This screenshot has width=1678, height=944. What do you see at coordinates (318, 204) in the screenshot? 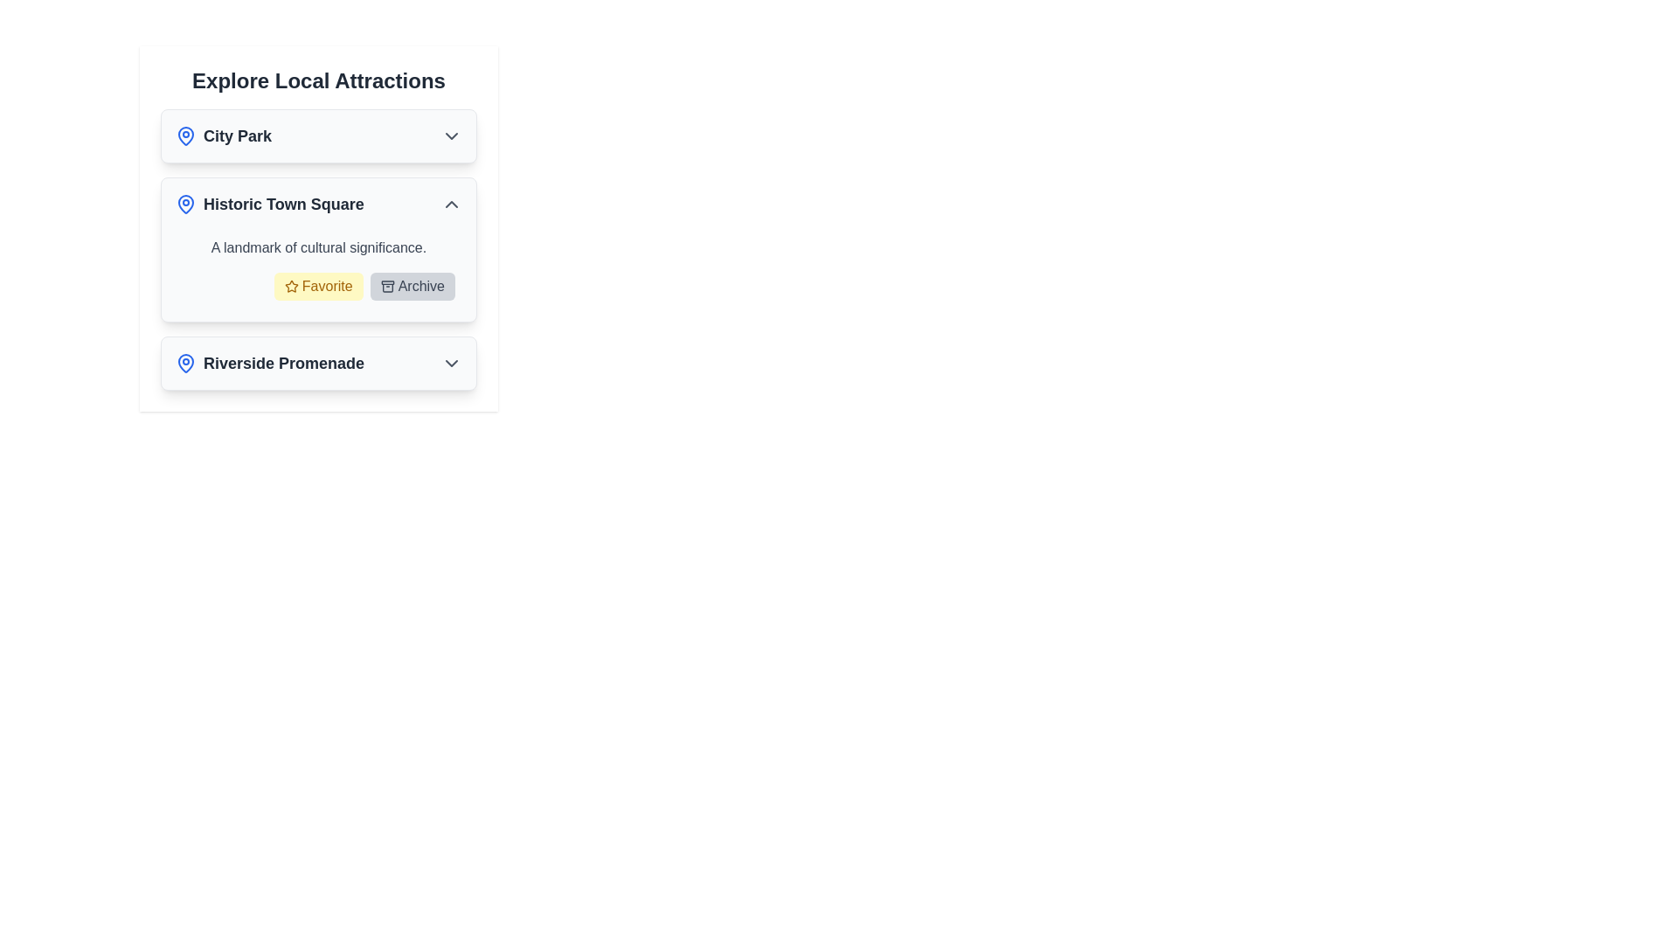
I see `the interactive list item for 'Historic Town Square'` at bounding box center [318, 204].